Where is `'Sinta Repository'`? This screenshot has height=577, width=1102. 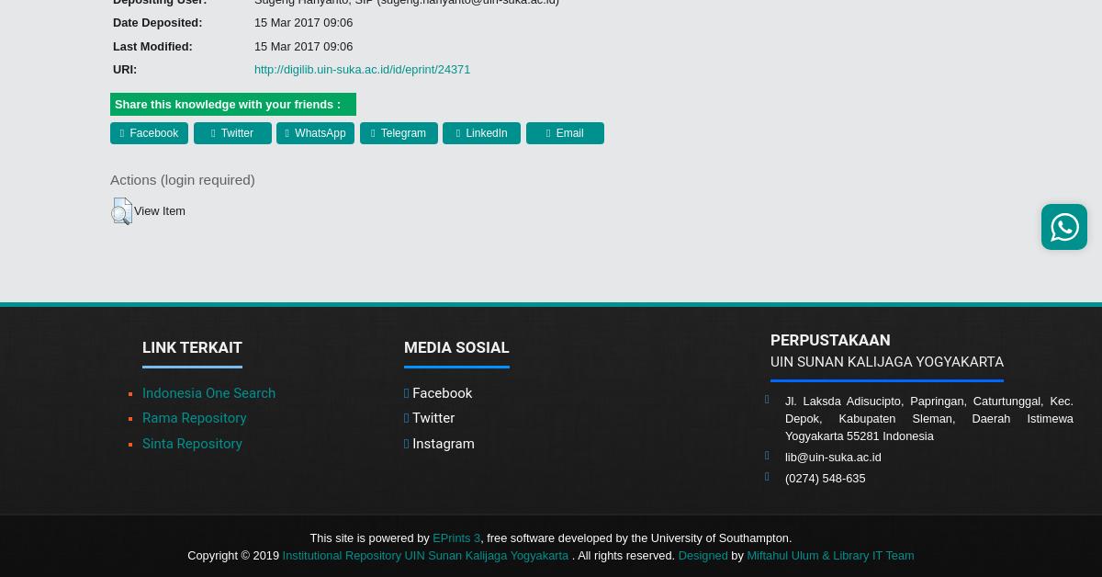
'Sinta Repository' is located at coordinates (191, 441).